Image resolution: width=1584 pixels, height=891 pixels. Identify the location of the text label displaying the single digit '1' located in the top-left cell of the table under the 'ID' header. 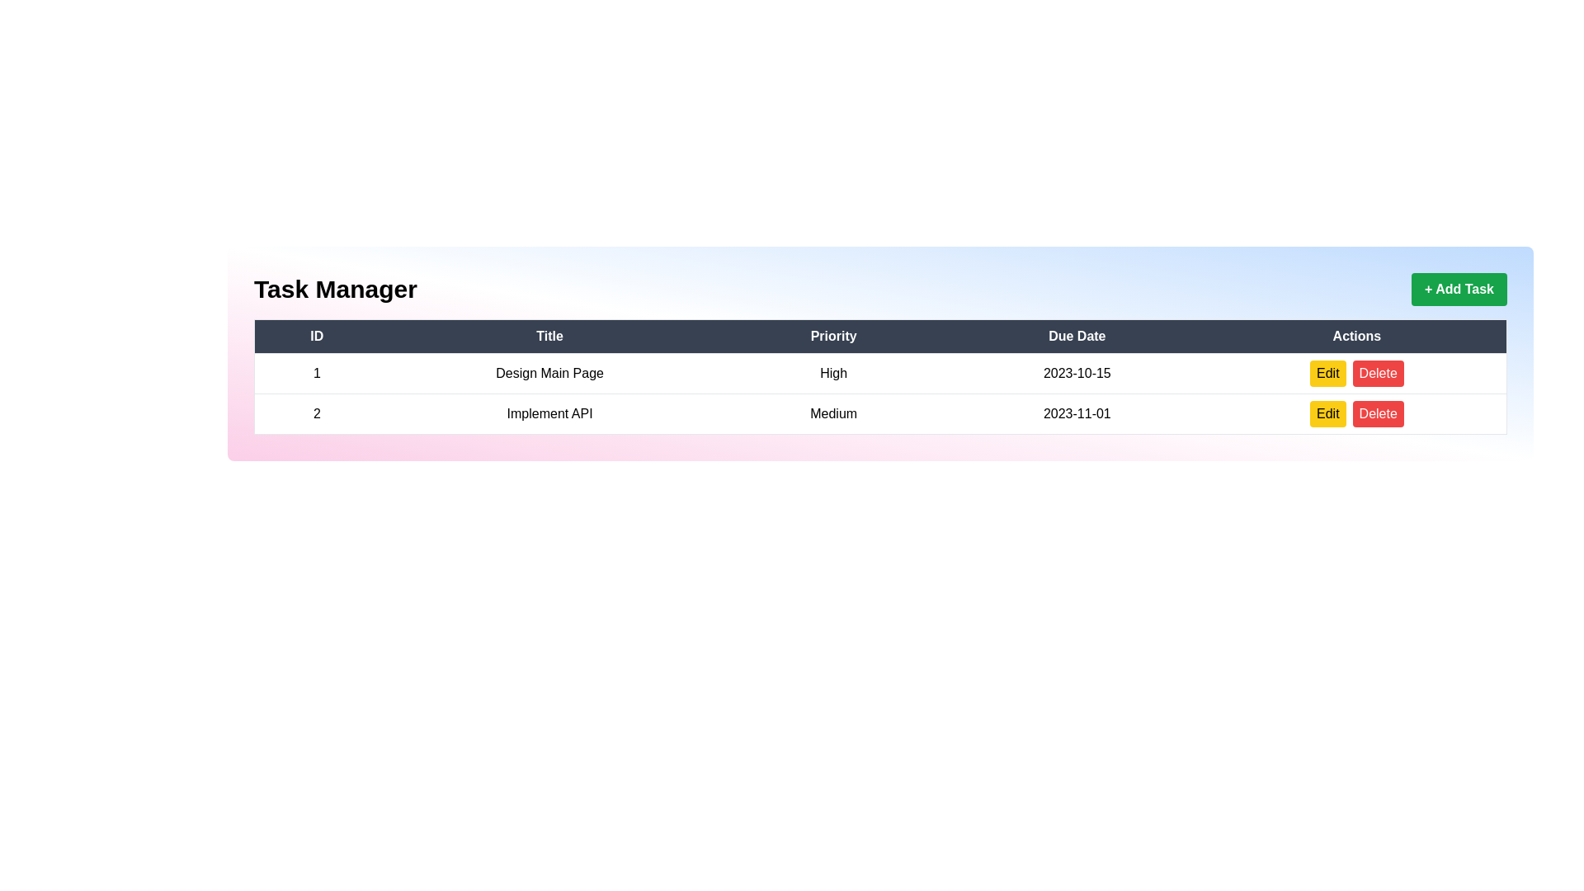
(317, 373).